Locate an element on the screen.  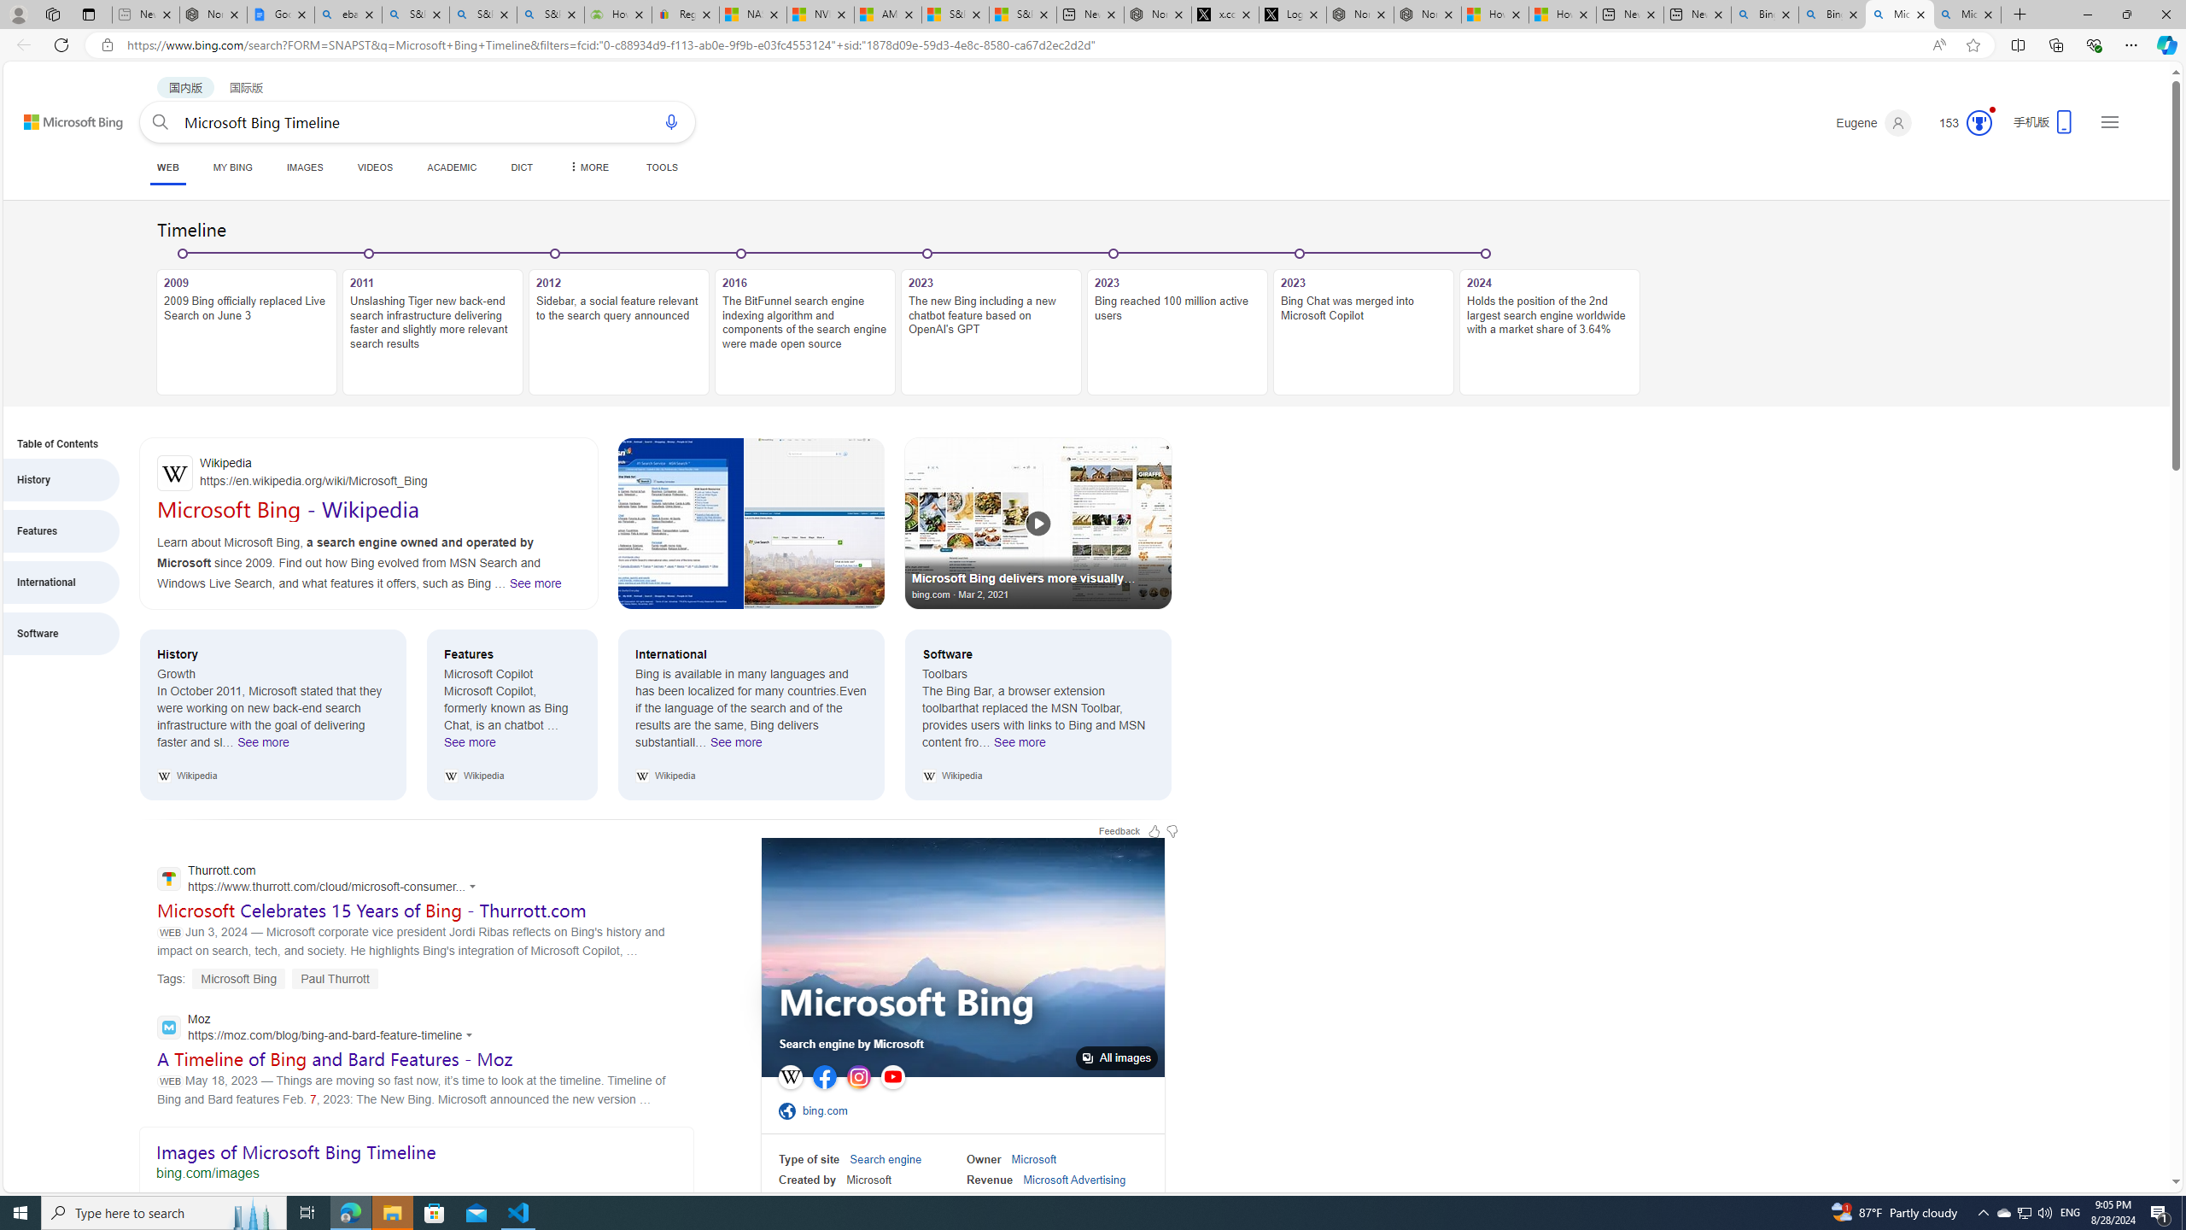
'Search more' is located at coordinates (2136, 1131).